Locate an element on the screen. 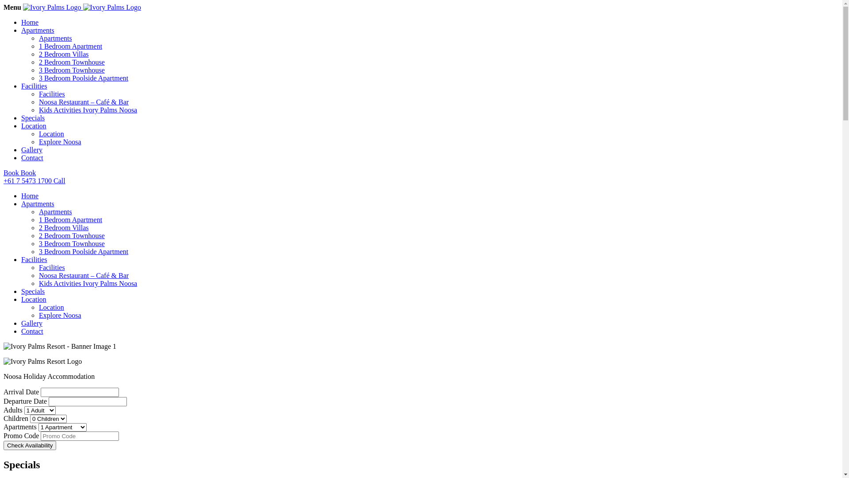  'Apartments' is located at coordinates (55, 212).